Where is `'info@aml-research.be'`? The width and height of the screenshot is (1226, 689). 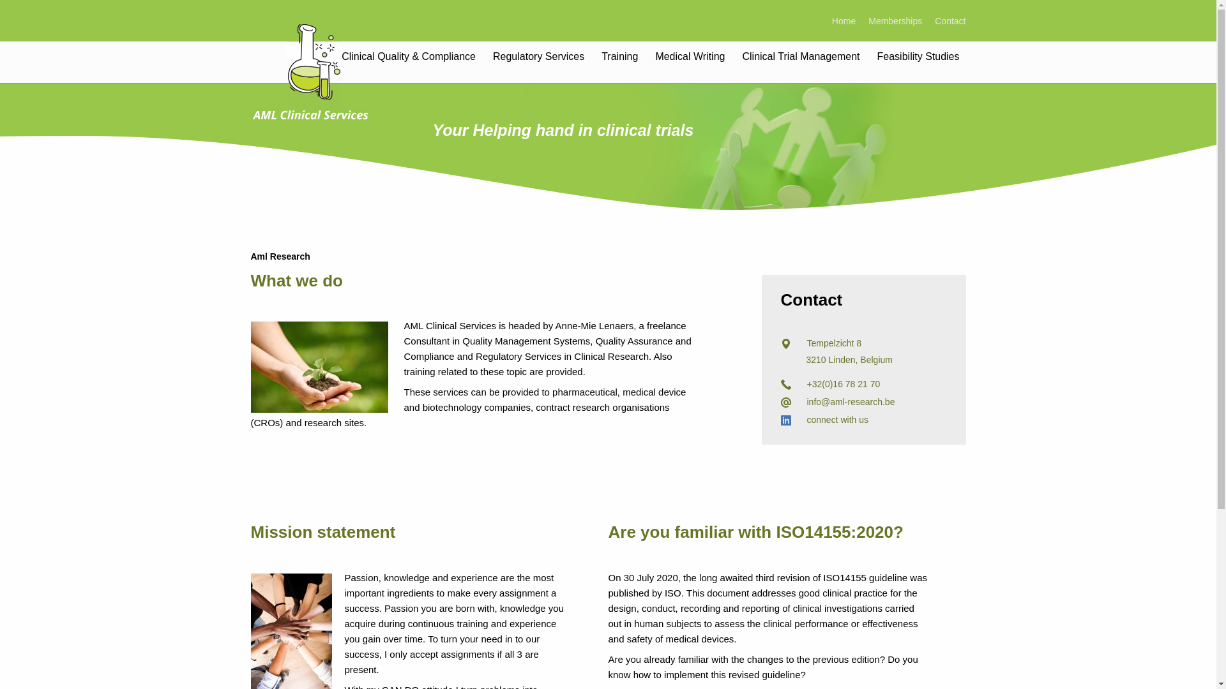 'info@aml-research.be' is located at coordinates (806, 401).